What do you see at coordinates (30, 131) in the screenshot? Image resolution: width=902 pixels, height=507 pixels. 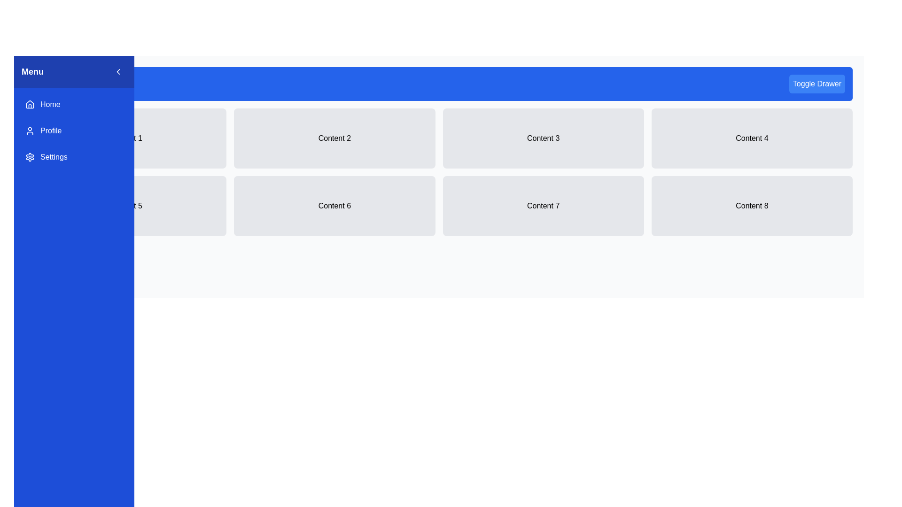 I see `the user profile SVG icon located to the left of the 'Profile' label in the vertical navigation menu` at bounding box center [30, 131].